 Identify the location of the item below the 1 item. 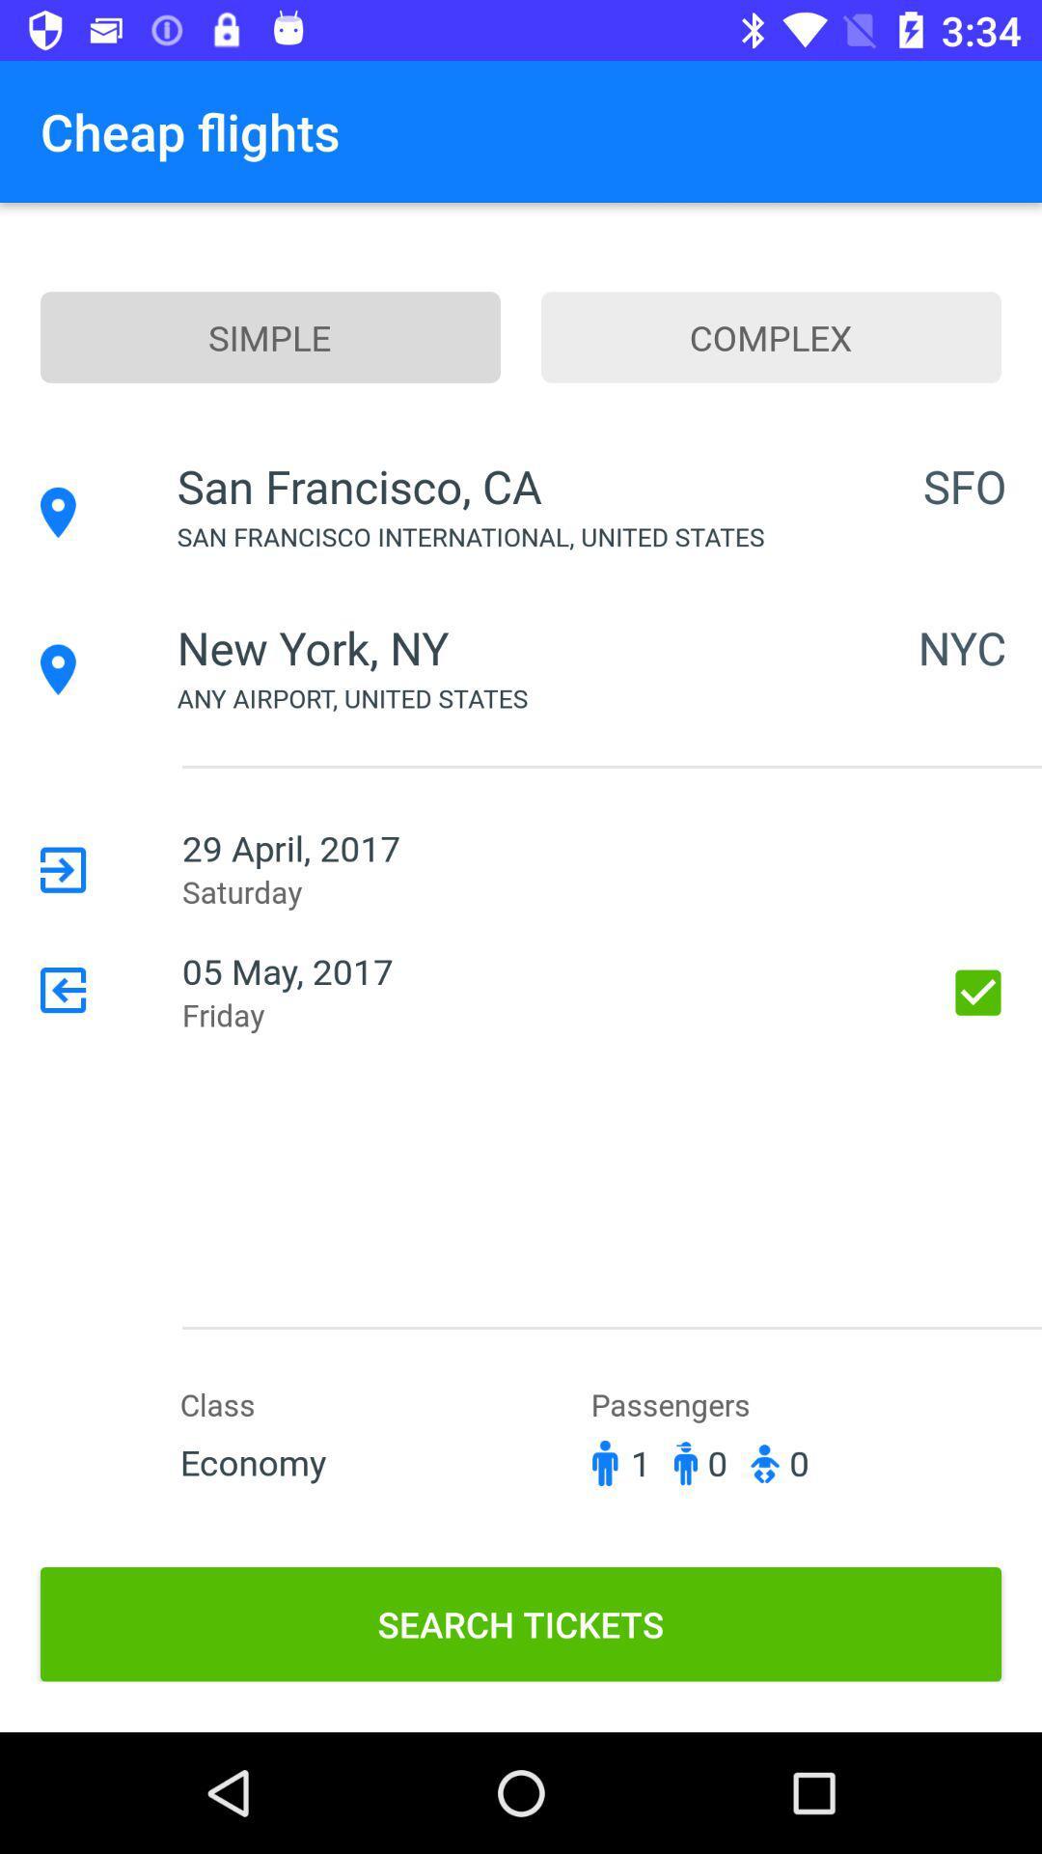
(521, 1623).